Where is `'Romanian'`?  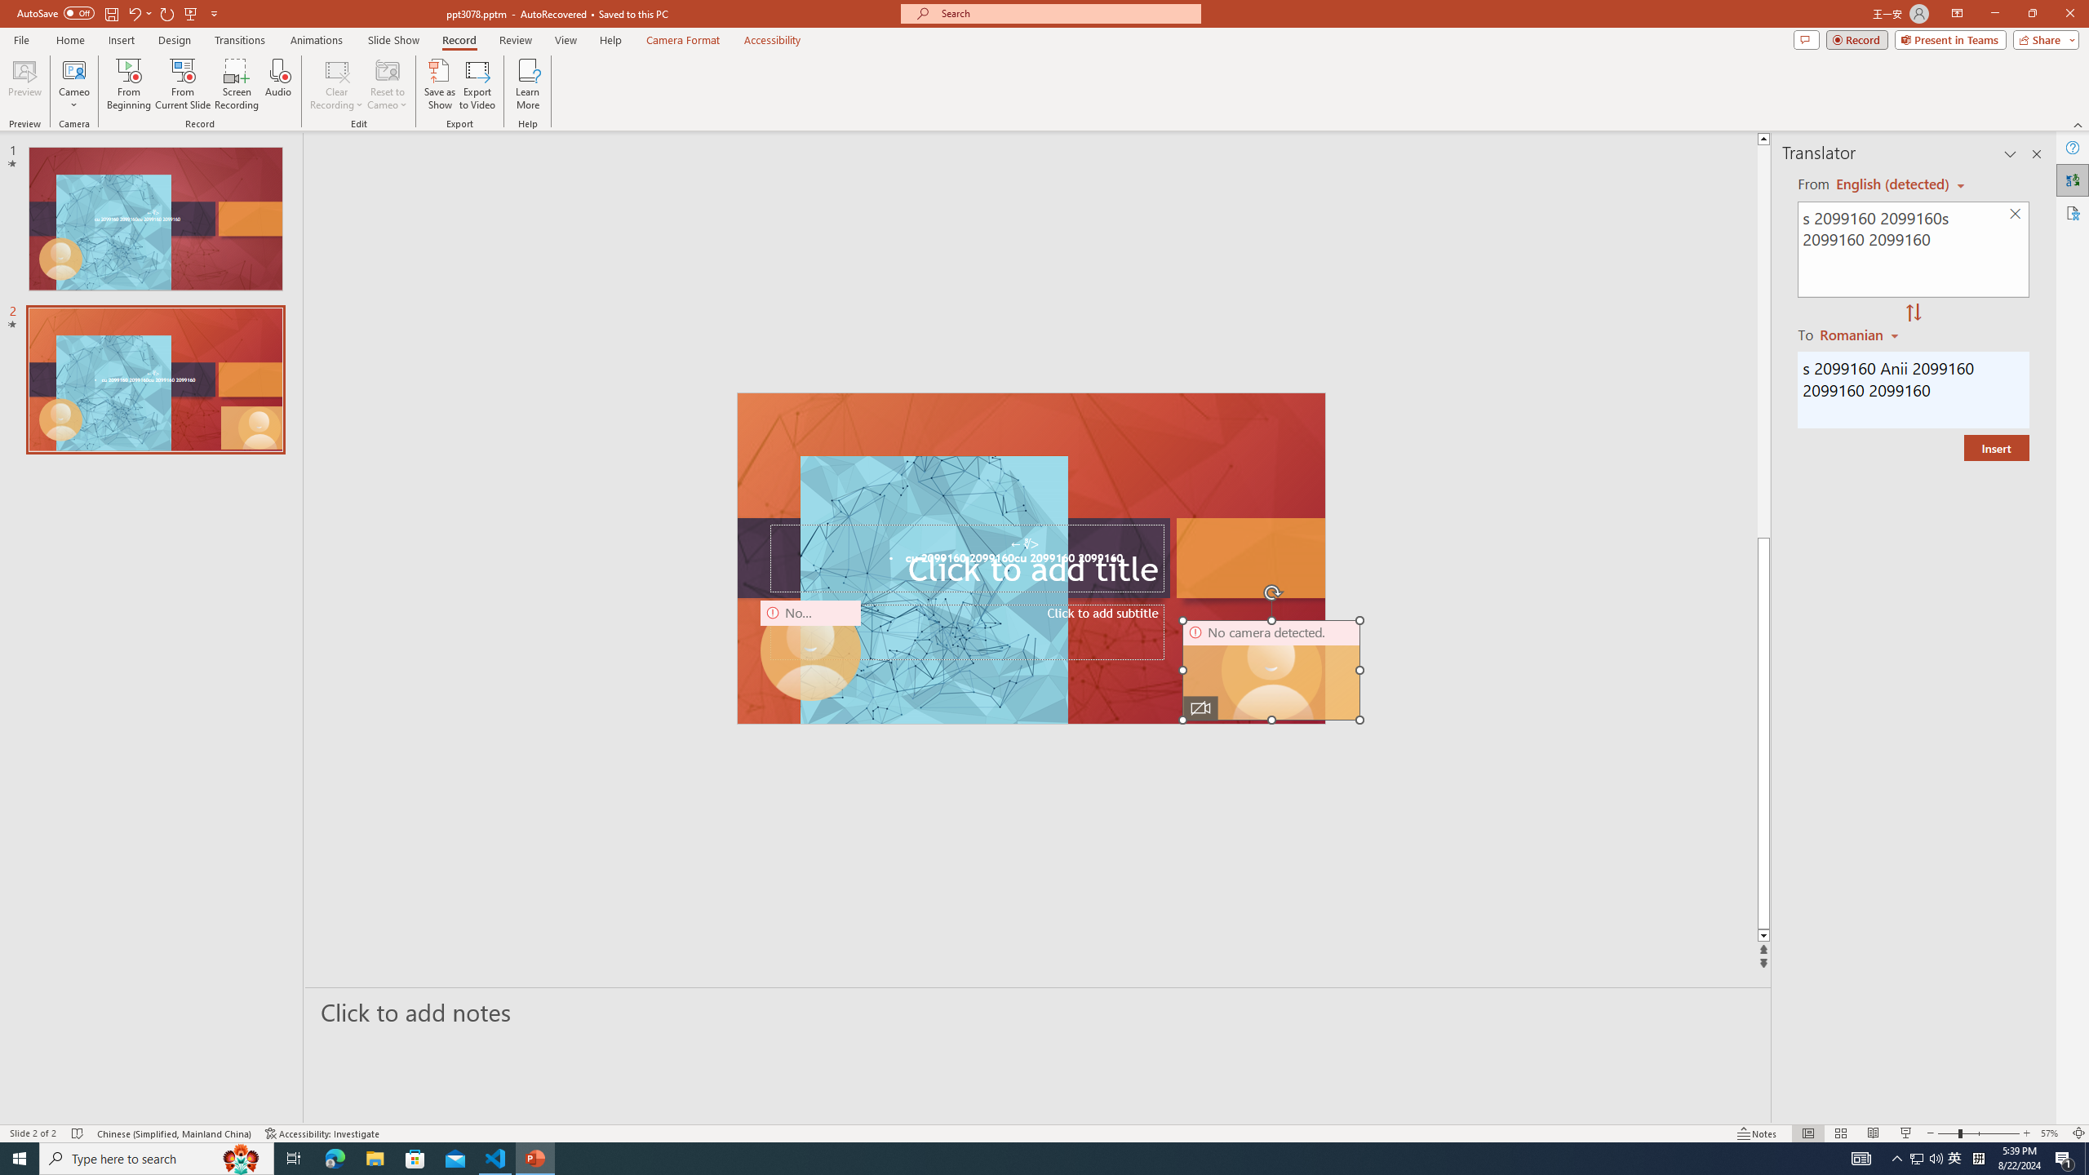 'Romanian' is located at coordinates (1860, 334).